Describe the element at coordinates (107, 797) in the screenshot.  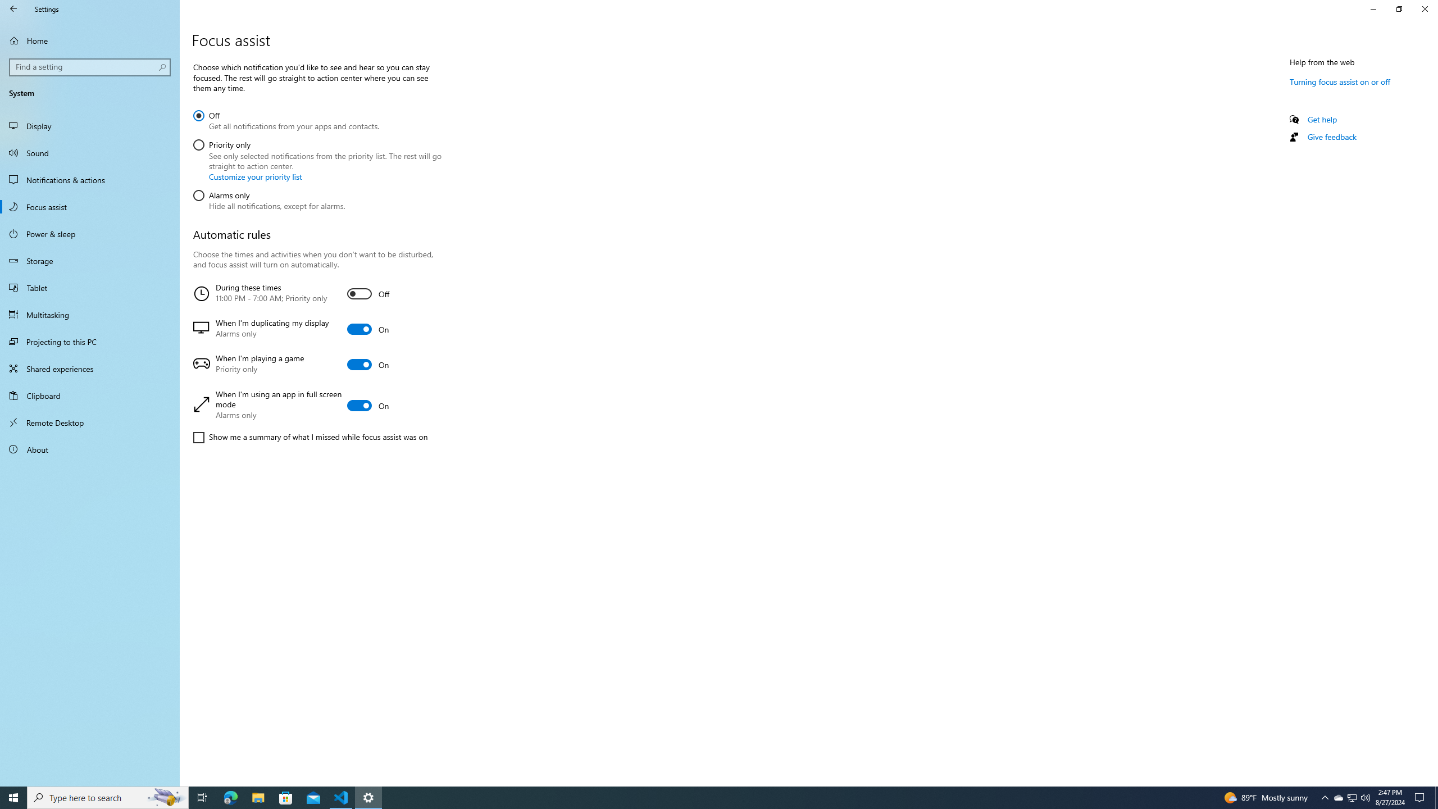
I see `'Type here to search'` at that location.